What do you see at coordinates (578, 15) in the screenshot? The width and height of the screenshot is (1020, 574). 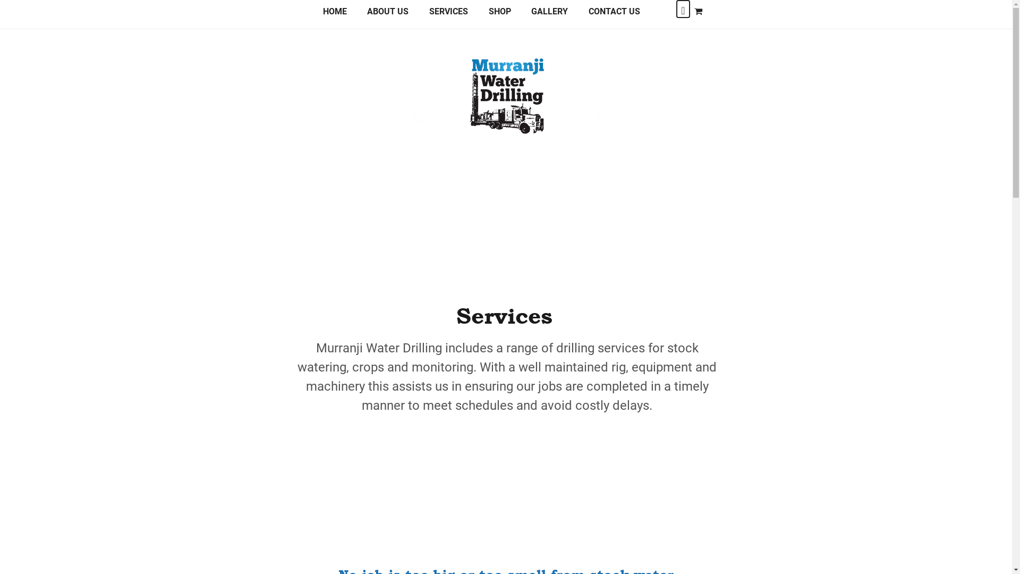 I see `'CONTACT US'` at bounding box center [578, 15].